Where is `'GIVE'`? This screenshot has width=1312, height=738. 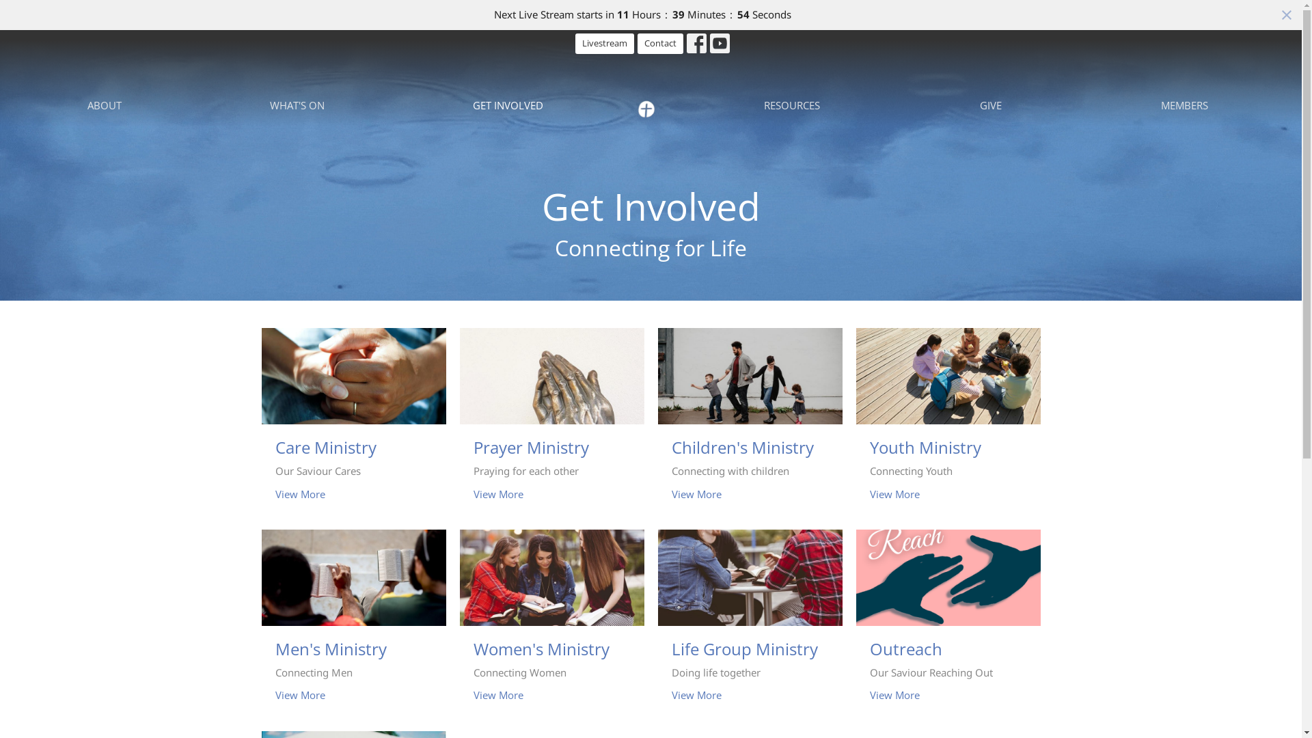
'GIVE' is located at coordinates (990, 105).